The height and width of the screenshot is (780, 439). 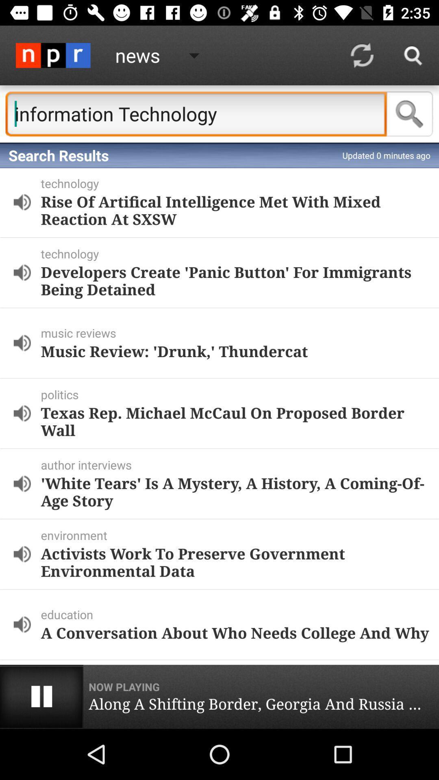 I want to click on the item below technology item, so click(x=235, y=280).